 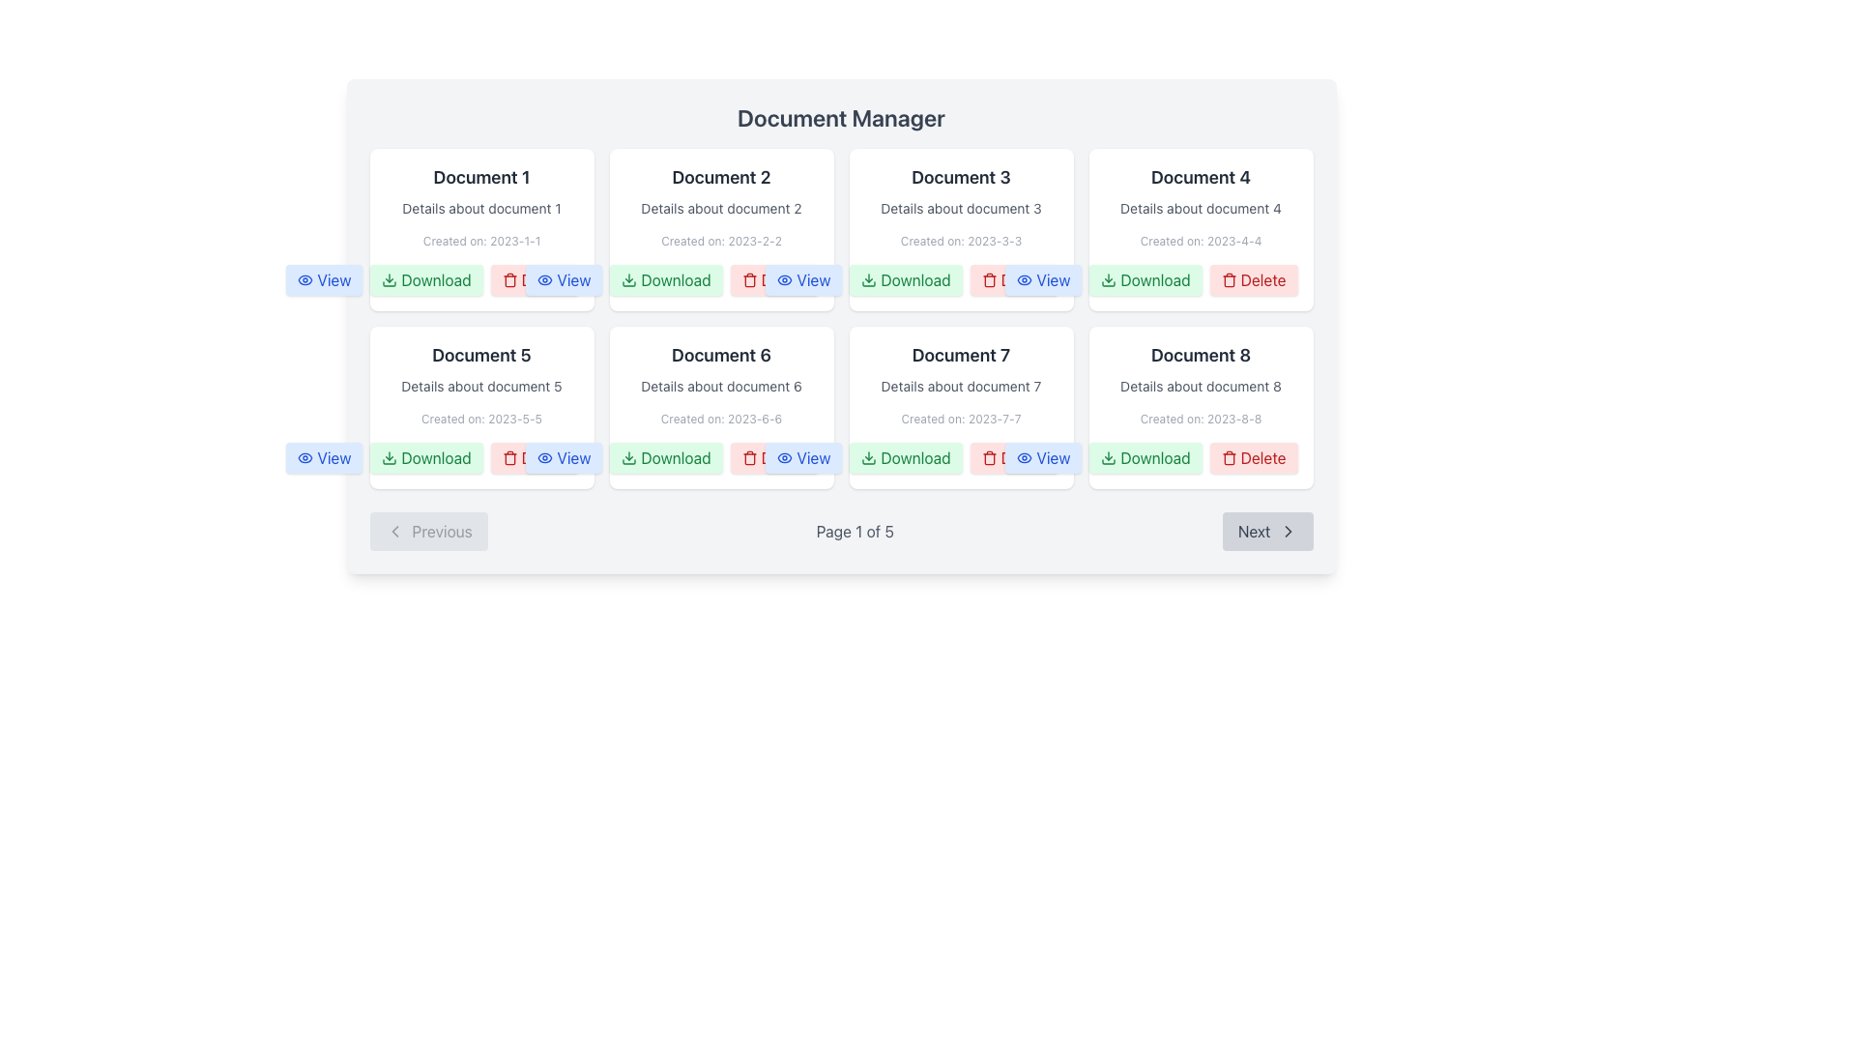 I want to click on the Informational display block that provides an overview of Document 4, located in the fourth position of the first row of a grid layout, so click(x=1200, y=206).